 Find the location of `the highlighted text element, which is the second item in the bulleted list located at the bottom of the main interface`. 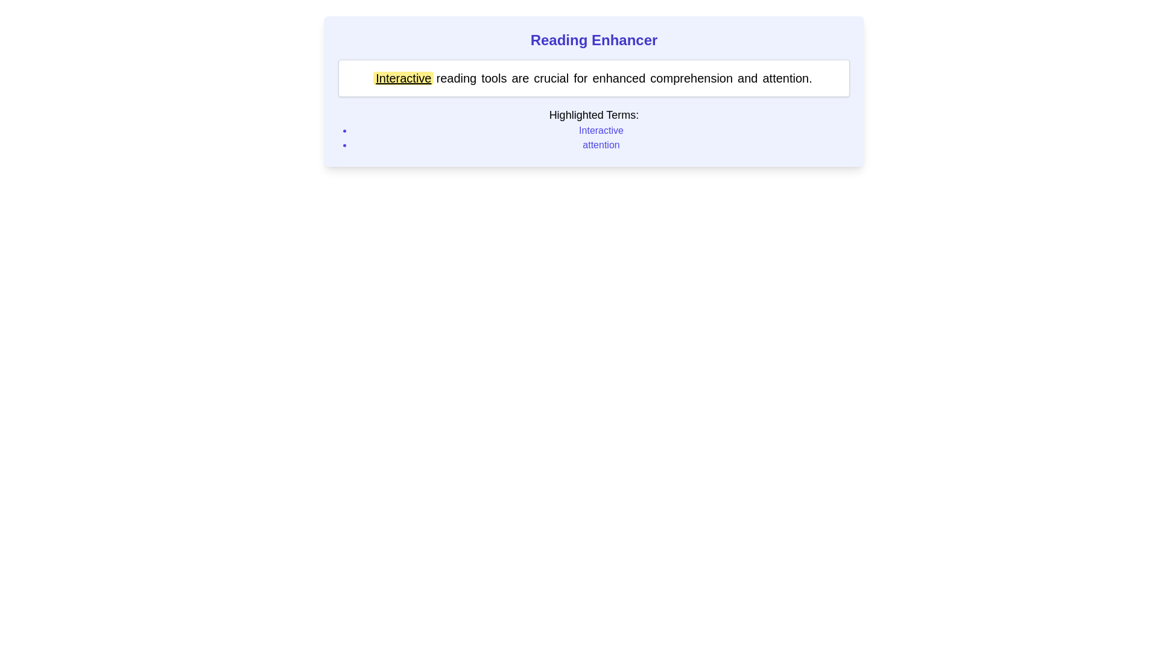

the highlighted text element, which is the second item in the bulleted list located at the bottom of the main interface is located at coordinates (601, 144).